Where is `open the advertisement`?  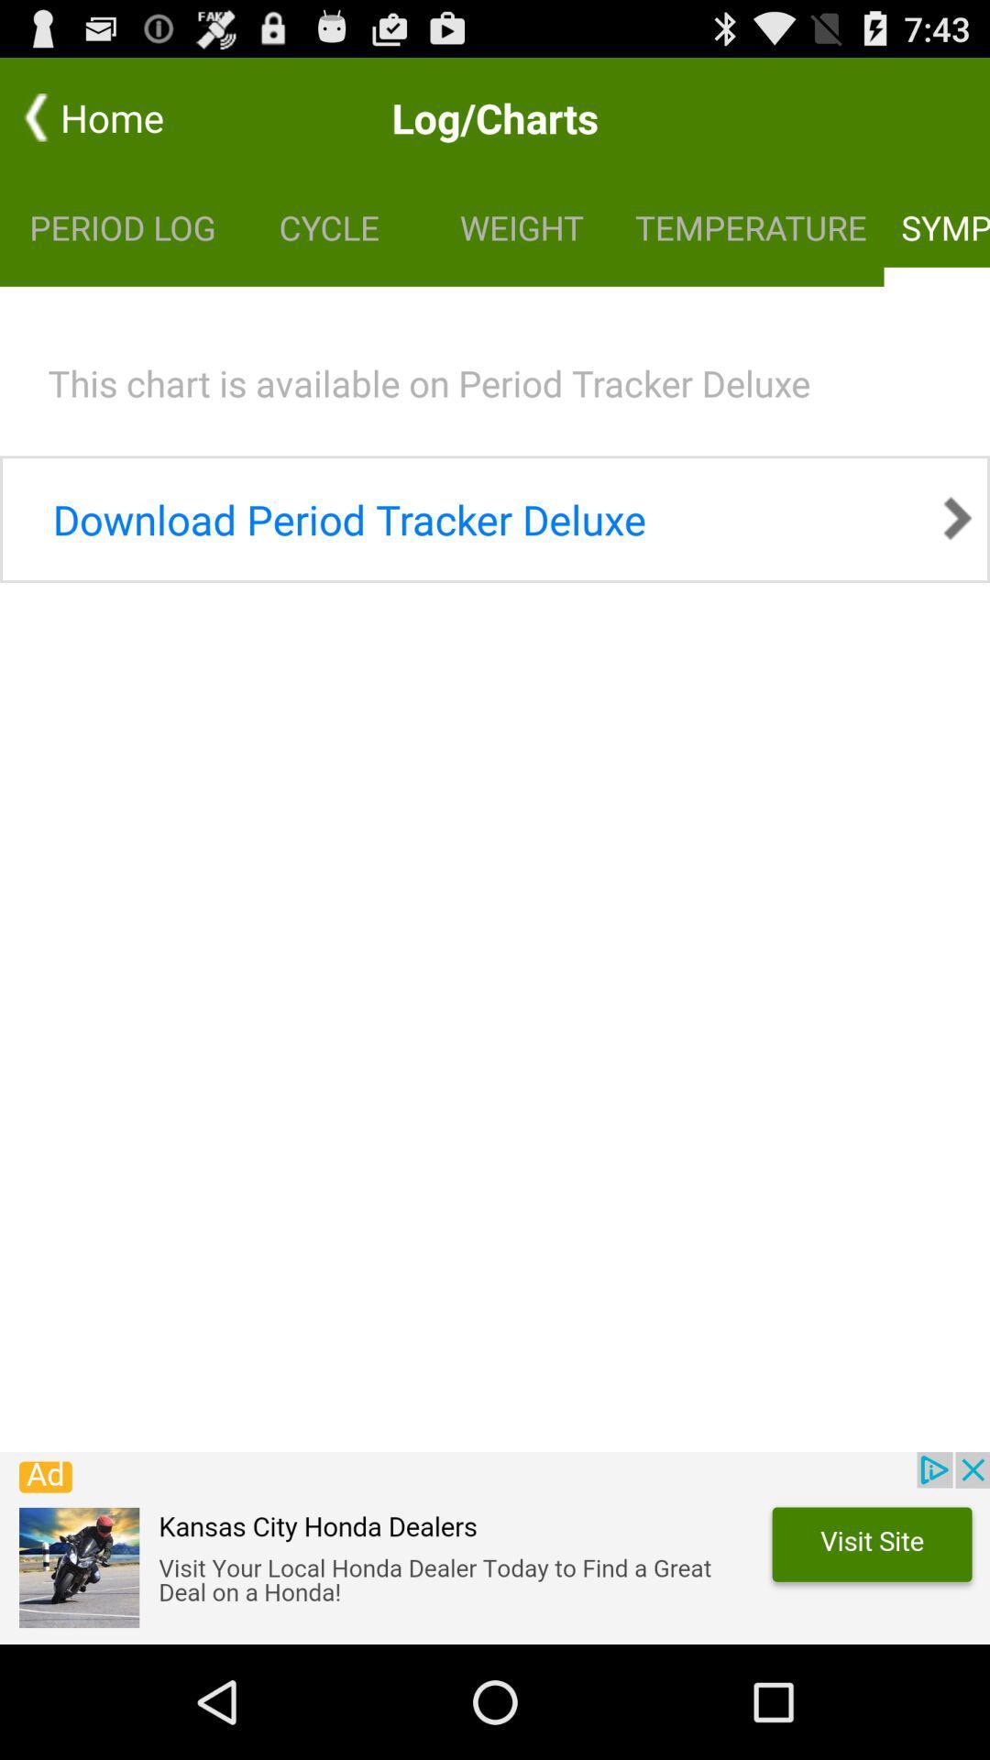
open the advertisement is located at coordinates (495, 1547).